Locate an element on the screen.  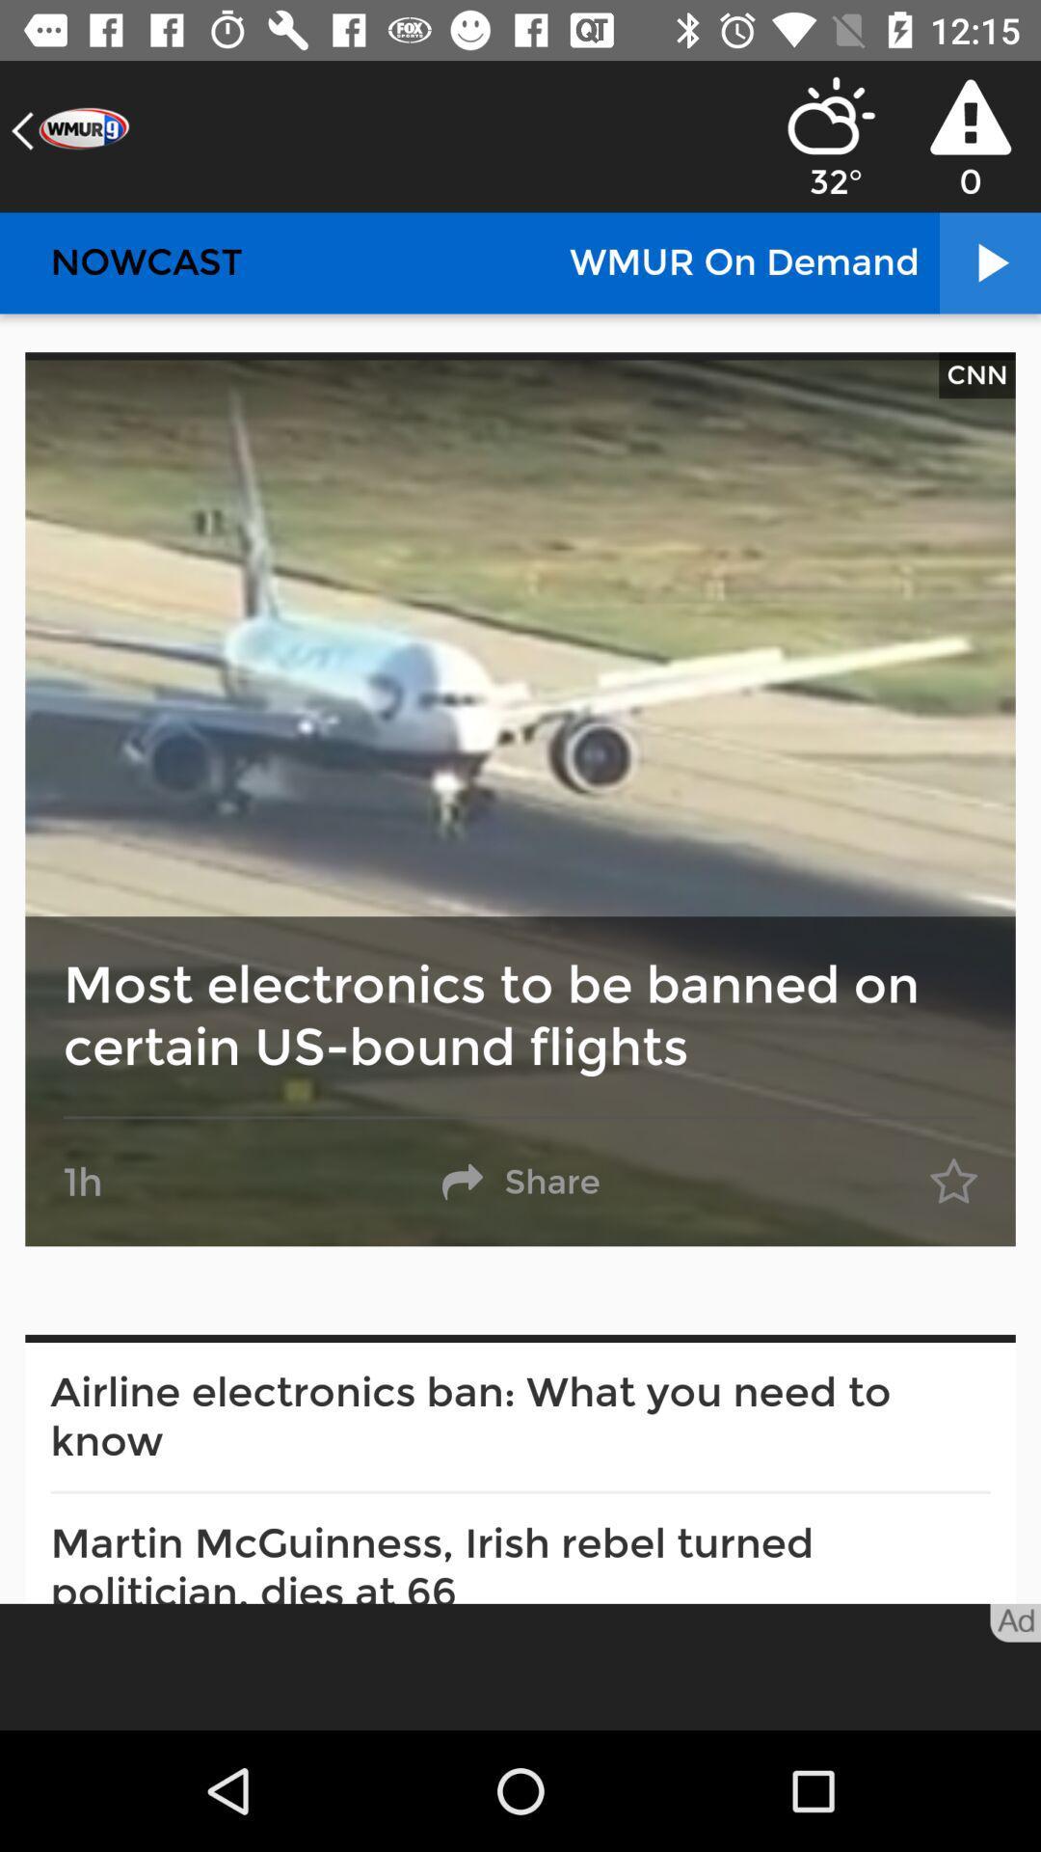
the next page icon is located at coordinates (989, 262).